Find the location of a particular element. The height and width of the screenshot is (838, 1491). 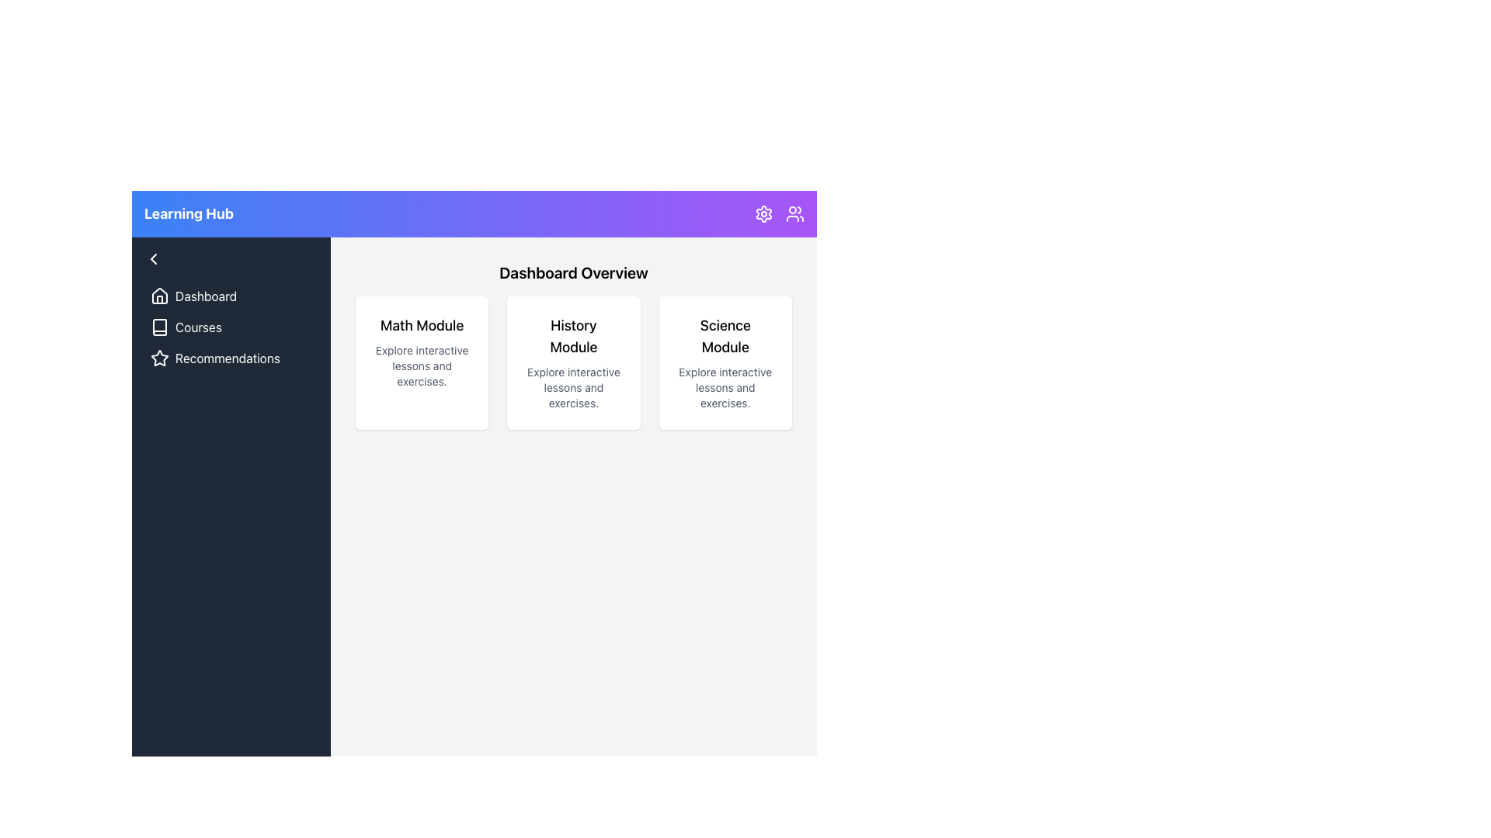

the gear-shaped icon button representing settings with a purple background located in the top-right corner of the page is located at coordinates (763, 214).